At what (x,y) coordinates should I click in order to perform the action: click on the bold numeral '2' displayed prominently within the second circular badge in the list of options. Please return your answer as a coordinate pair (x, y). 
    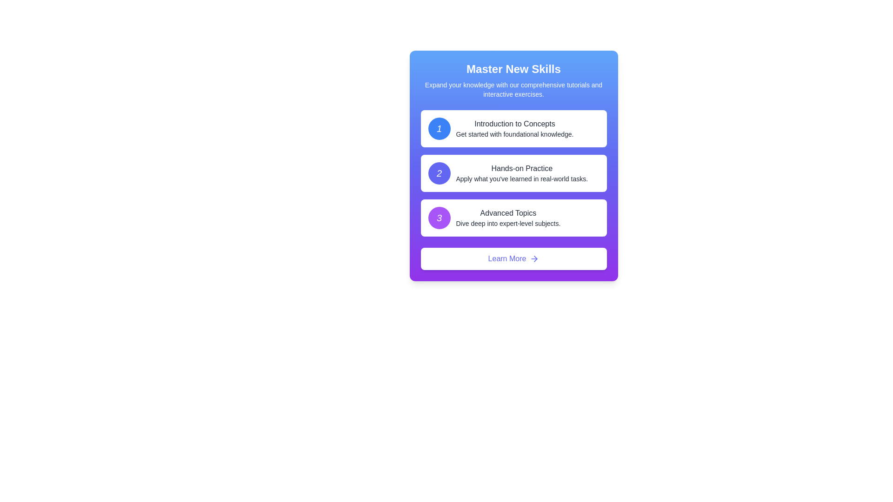
    Looking at the image, I should click on (439, 173).